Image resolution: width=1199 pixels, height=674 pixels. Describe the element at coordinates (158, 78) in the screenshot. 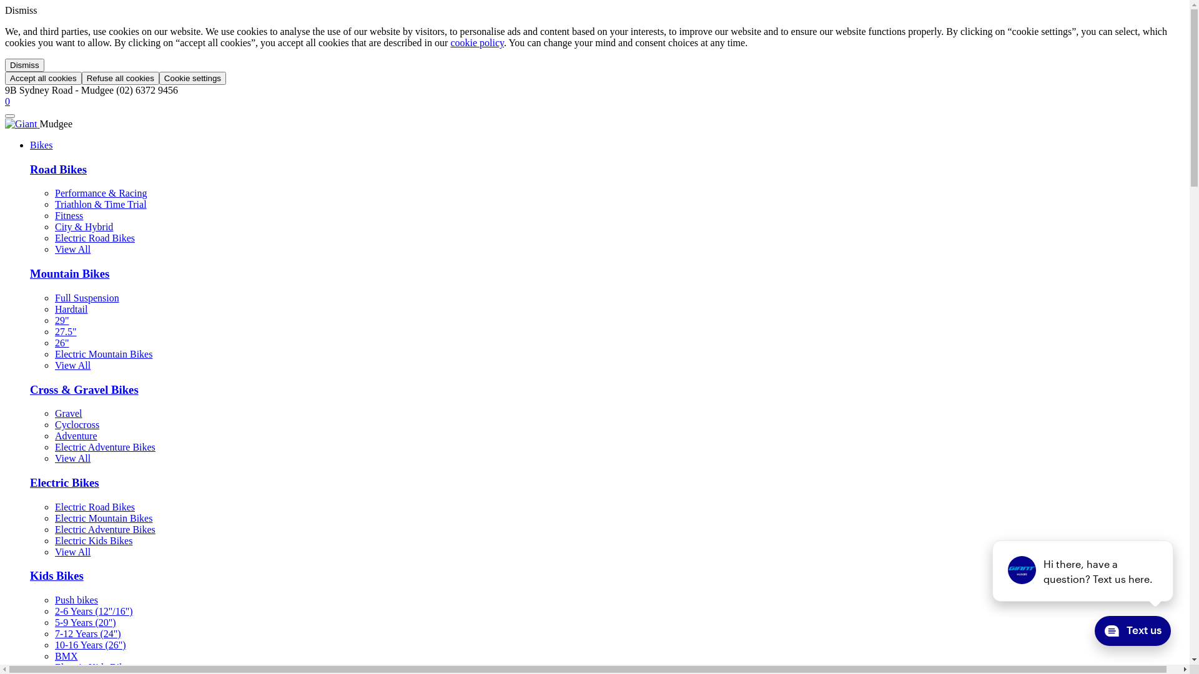

I see `'Cookie settings'` at that location.